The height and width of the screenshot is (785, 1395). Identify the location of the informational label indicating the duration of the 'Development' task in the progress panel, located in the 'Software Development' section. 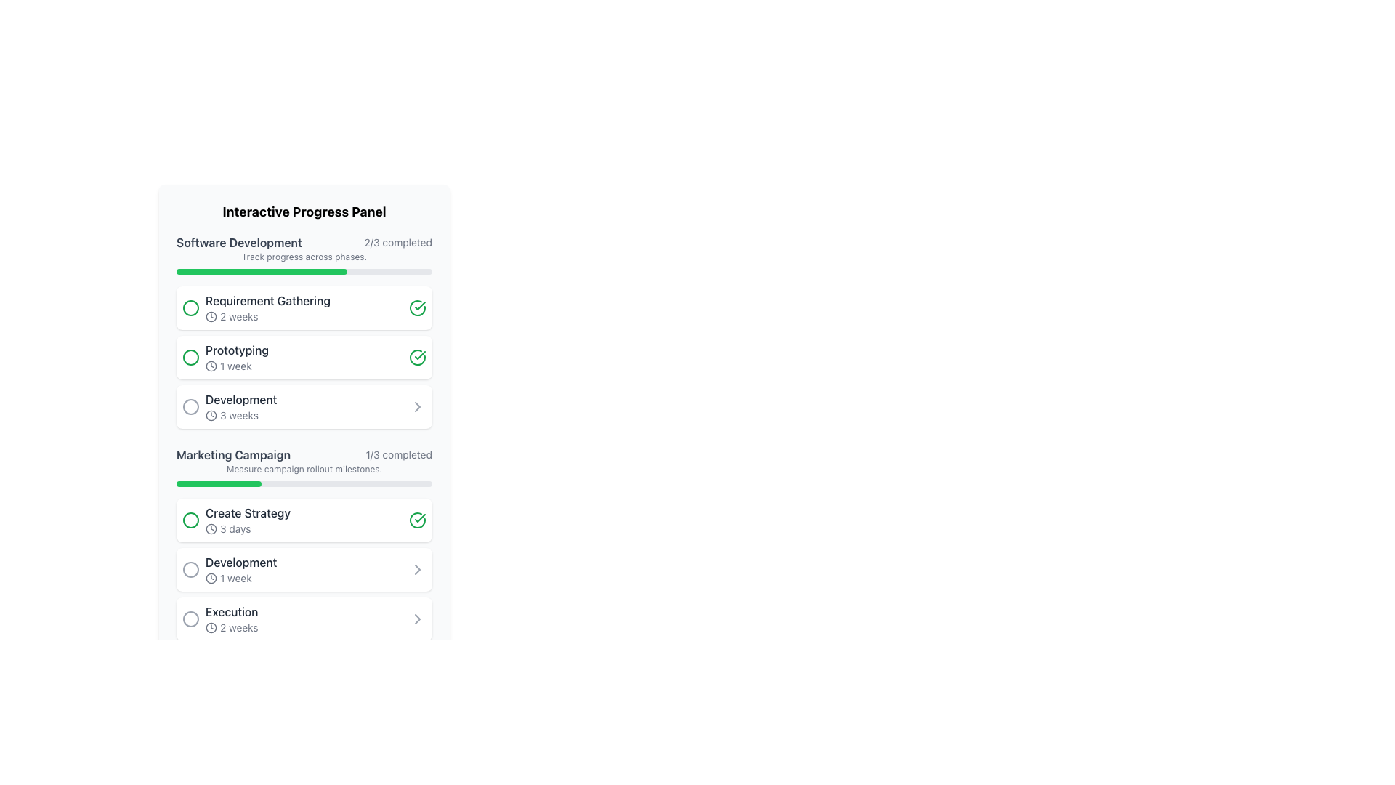
(241, 415).